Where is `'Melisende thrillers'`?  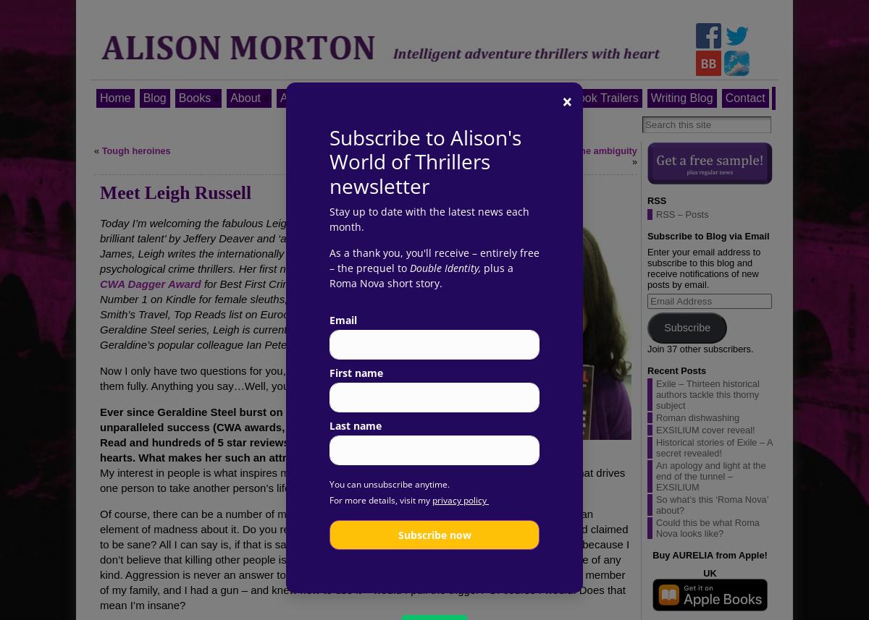
'Melisende thrillers' is located at coordinates (442, 97).